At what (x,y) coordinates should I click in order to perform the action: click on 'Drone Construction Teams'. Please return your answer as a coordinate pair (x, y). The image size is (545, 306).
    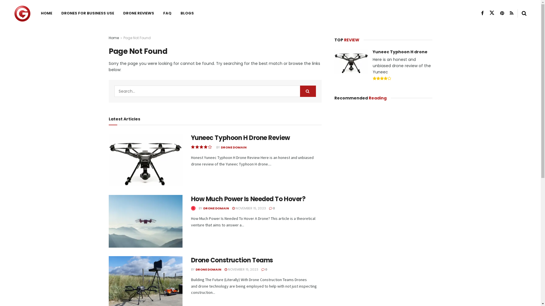
    Looking at the image, I should click on (232, 260).